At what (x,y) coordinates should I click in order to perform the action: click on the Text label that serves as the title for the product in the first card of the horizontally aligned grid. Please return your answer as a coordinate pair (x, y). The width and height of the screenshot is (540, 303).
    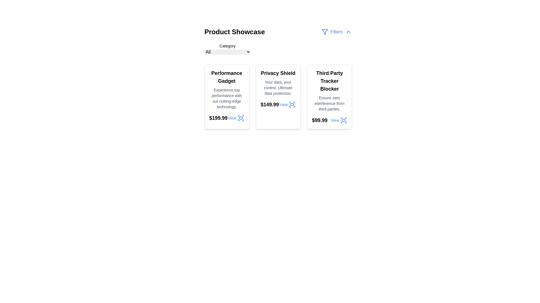
    Looking at the image, I should click on (227, 77).